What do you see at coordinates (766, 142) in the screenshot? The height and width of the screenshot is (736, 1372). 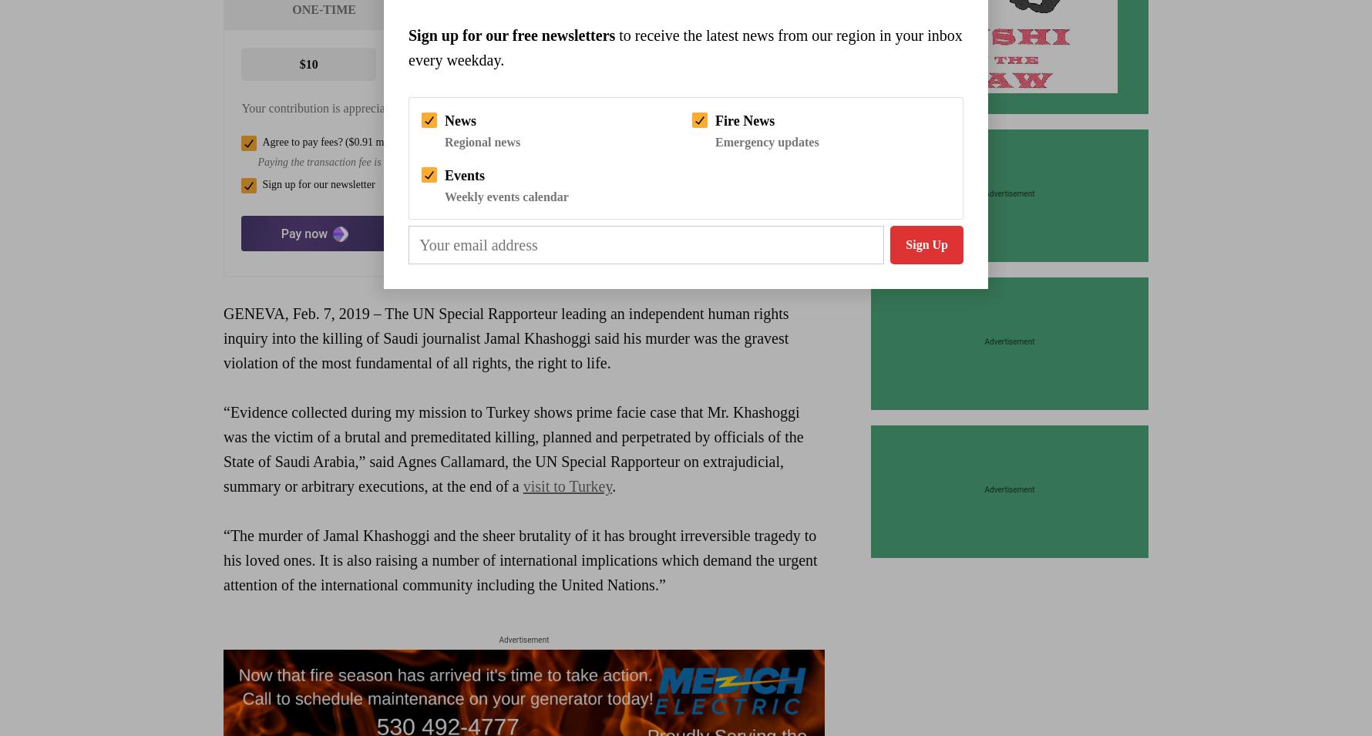 I see `'Emergency updates'` at bounding box center [766, 142].